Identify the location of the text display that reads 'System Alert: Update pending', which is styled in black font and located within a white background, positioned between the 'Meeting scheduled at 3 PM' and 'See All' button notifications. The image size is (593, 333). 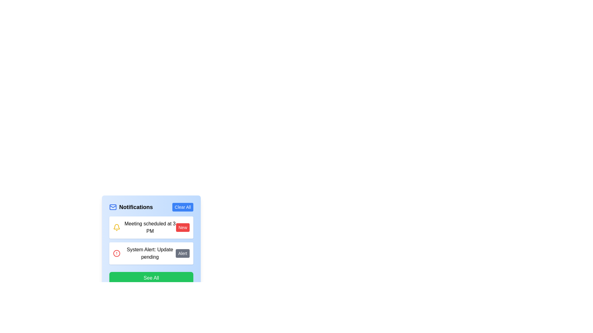
(150, 253).